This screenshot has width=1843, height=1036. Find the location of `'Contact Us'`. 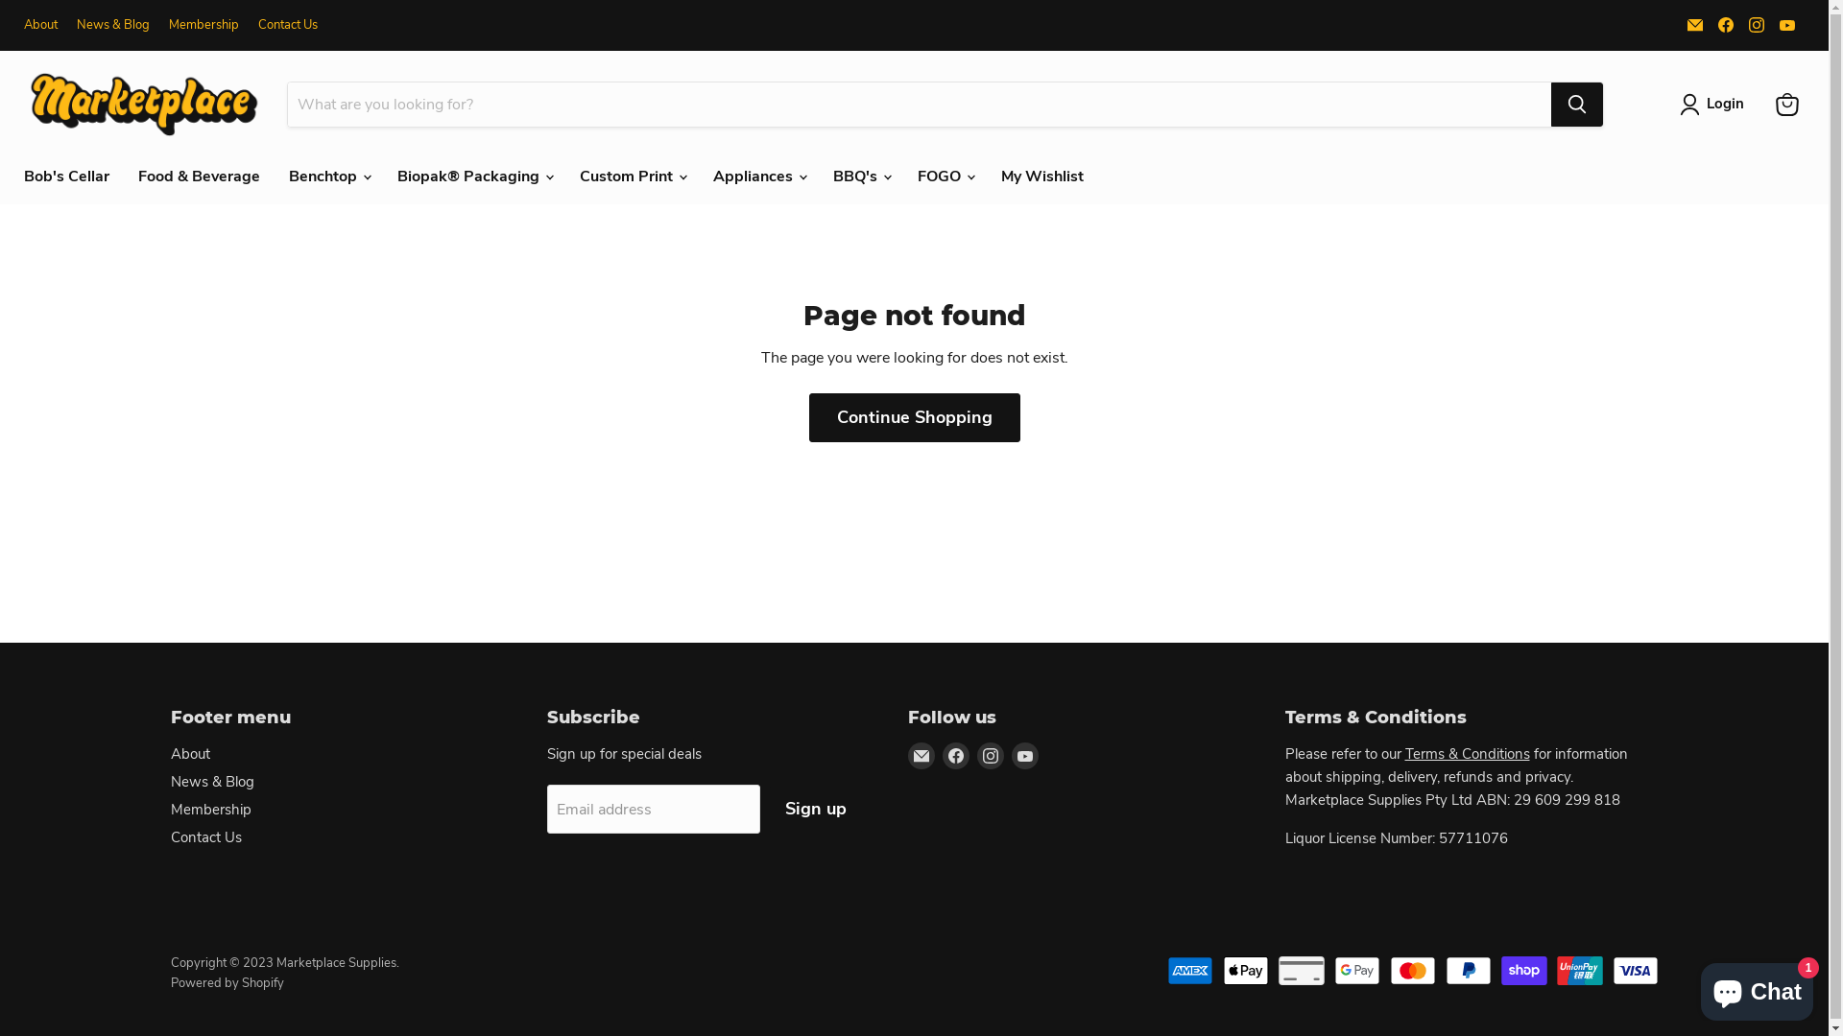

'Contact Us' is located at coordinates (256, 25).